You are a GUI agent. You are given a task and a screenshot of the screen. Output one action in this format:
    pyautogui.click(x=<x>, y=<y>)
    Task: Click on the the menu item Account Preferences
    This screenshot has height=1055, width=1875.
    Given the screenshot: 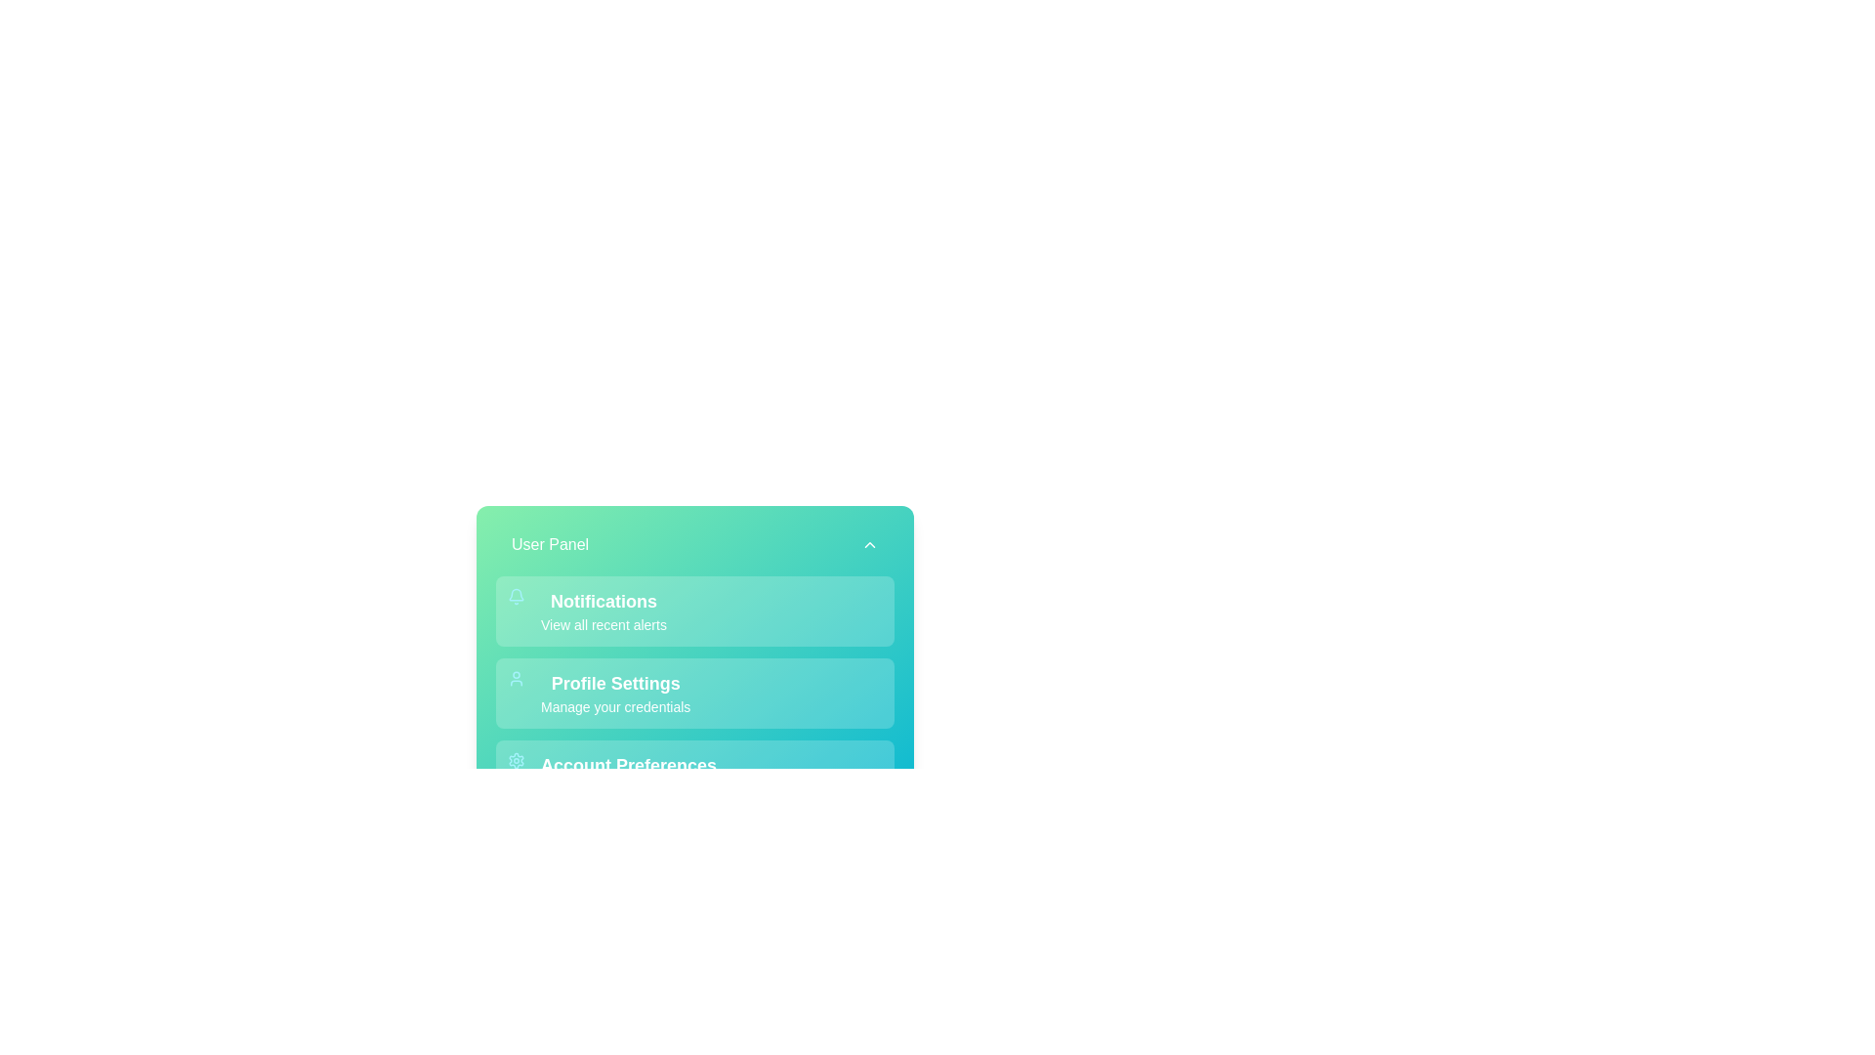 What is the action you would take?
    pyautogui.click(x=694, y=775)
    